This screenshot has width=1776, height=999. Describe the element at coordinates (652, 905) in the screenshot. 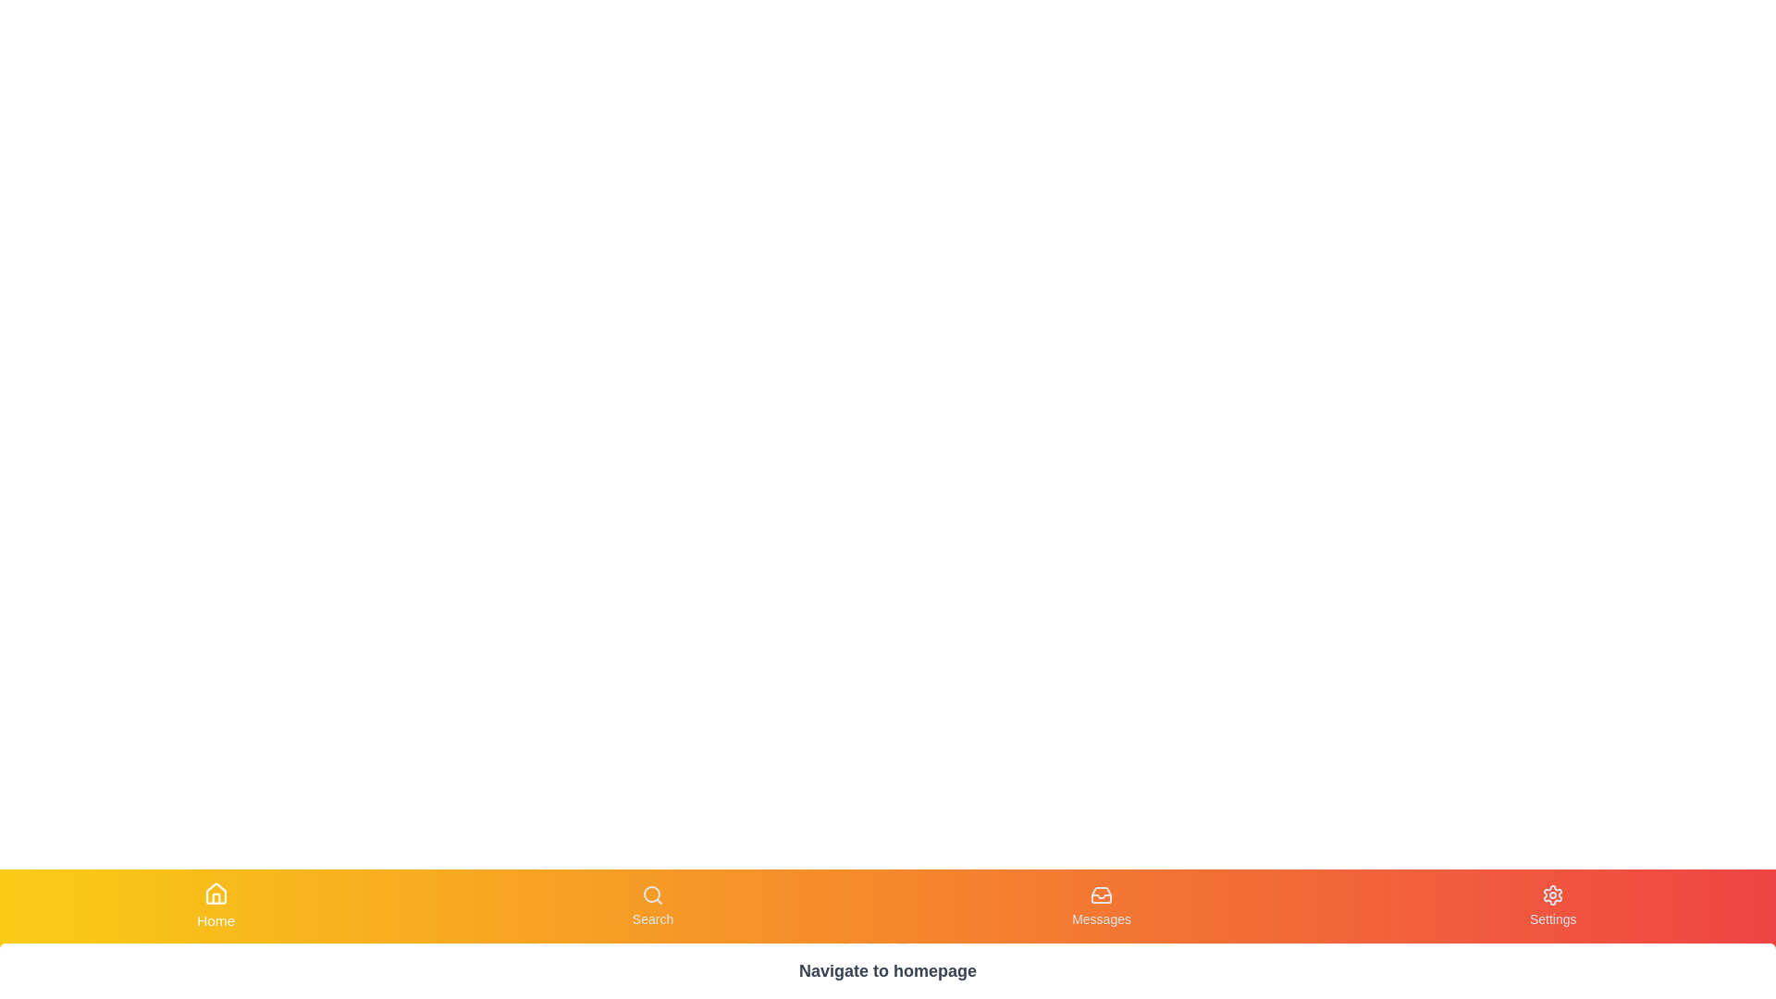

I see `the Search tab in the navigation bar` at that location.